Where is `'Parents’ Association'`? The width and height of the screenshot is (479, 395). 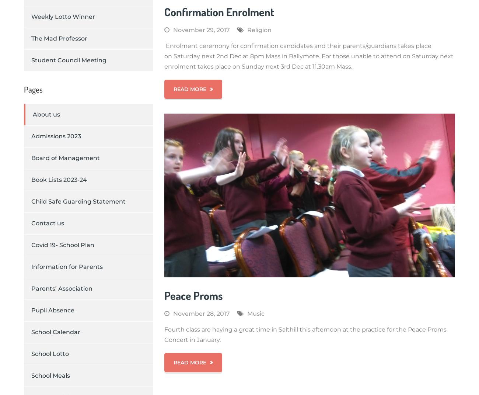 'Parents’ Association' is located at coordinates (62, 288).